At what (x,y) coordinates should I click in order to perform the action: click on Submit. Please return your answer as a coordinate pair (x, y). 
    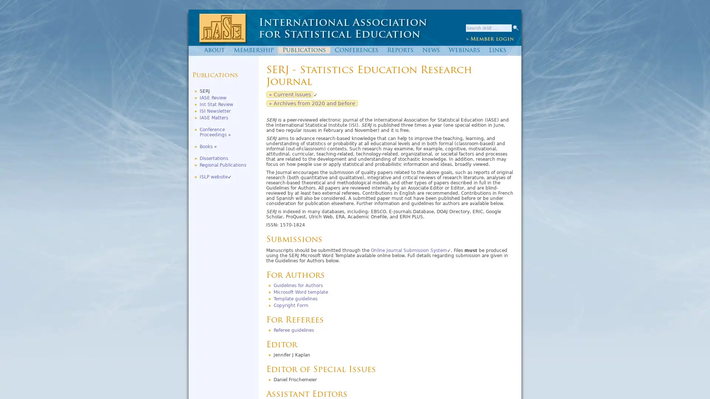
    Looking at the image, I should click on (515, 27).